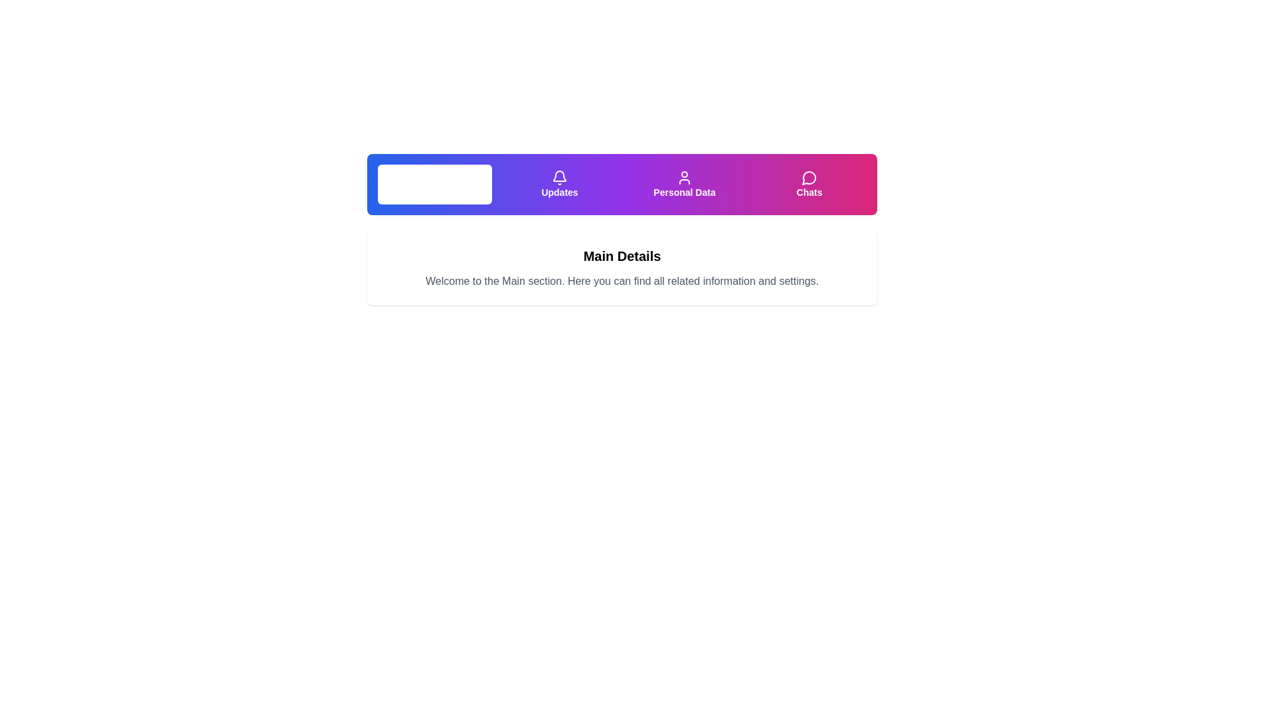  Describe the element at coordinates (685, 192) in the screenshot. I see `the text label 'Personal Data' which serves as a description for the navigation button beneath the user icon` at that location.